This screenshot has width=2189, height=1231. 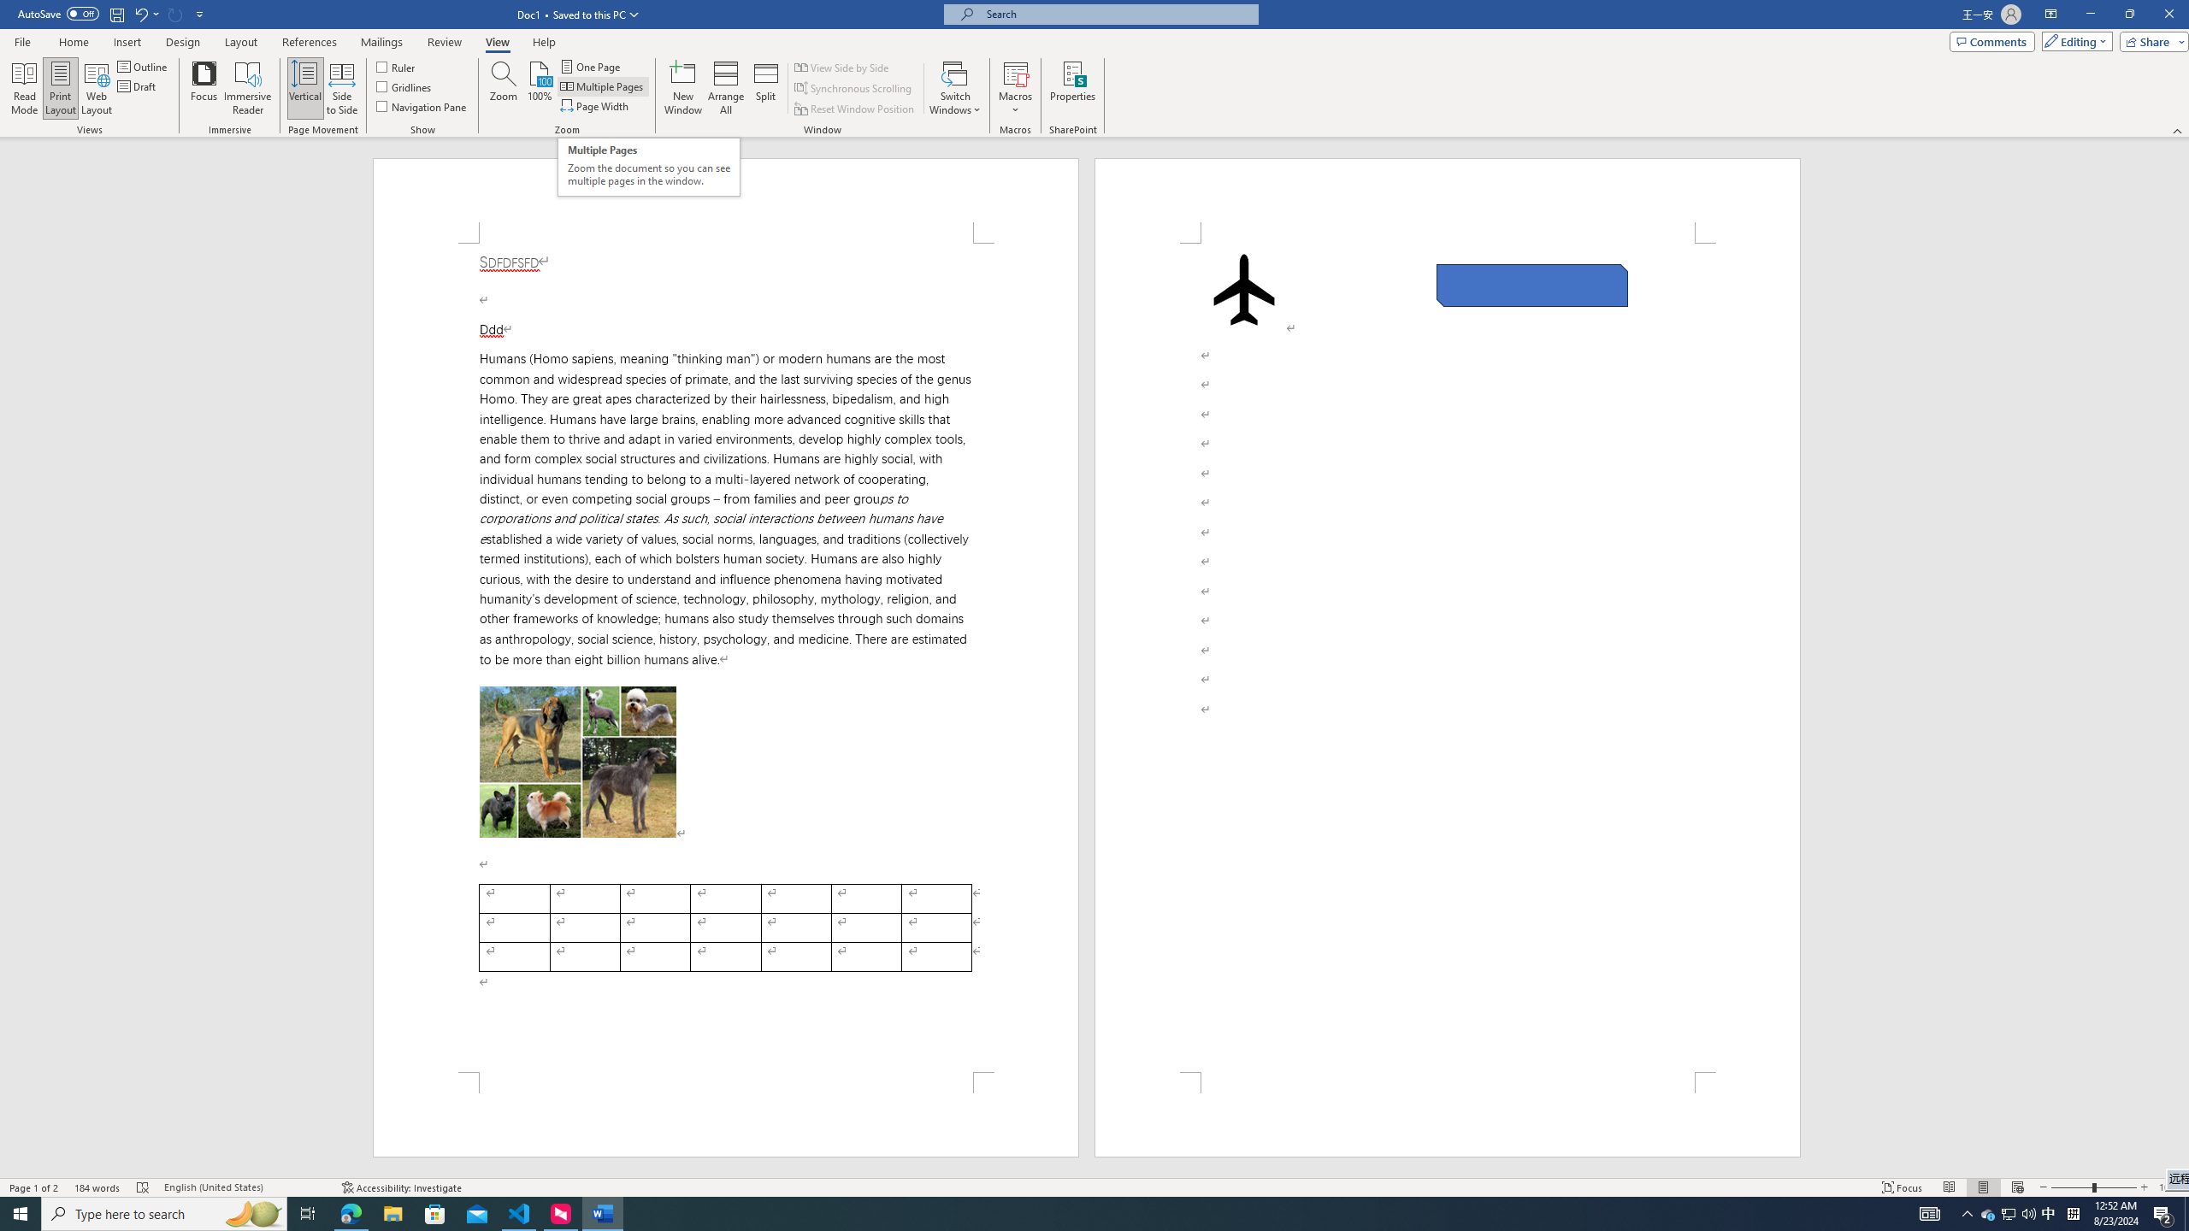 What do you see at coordinates (1073, 88) in the screenshot?
I see `'Properties'` at bounding box center [1073, 88].